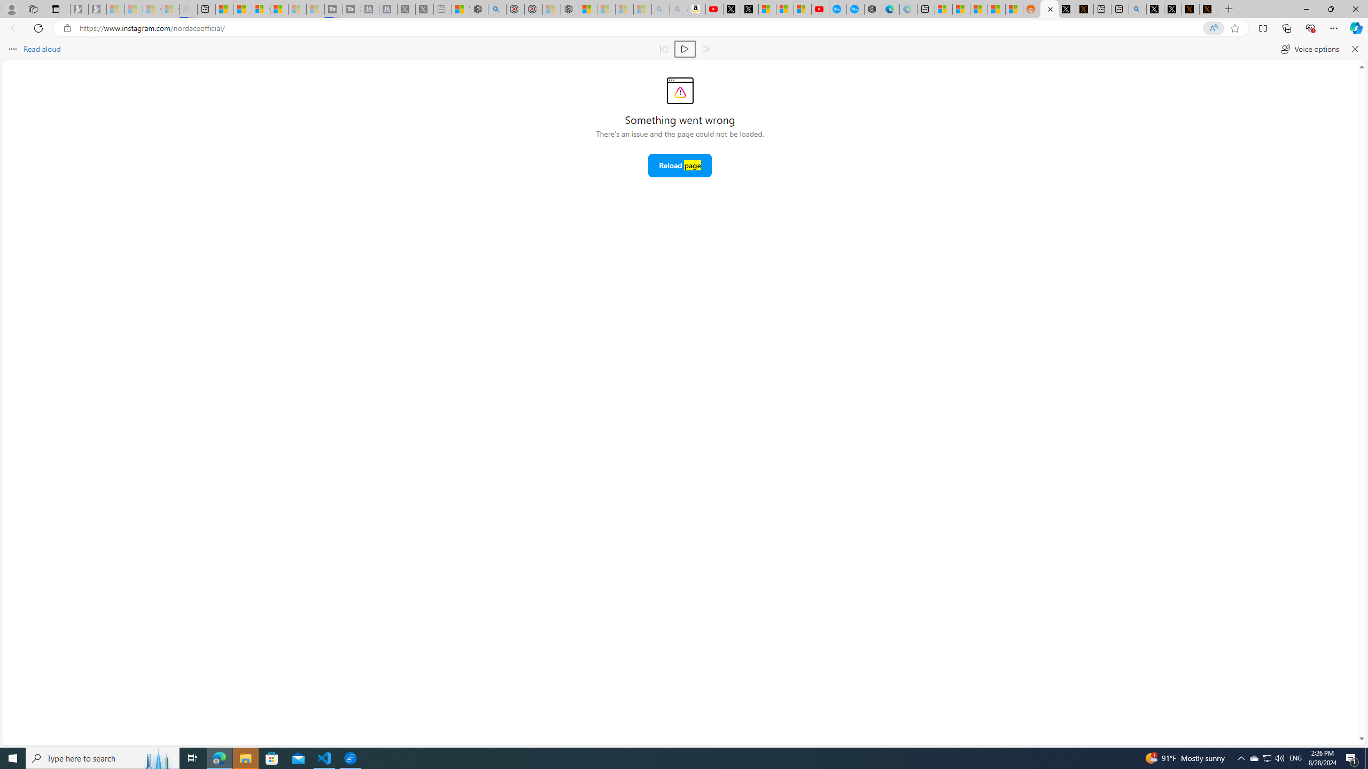 The width and height of the screenshot is (1368, 769). I want to click on 'amazon - Search - Sleeping', so click(660, 9).